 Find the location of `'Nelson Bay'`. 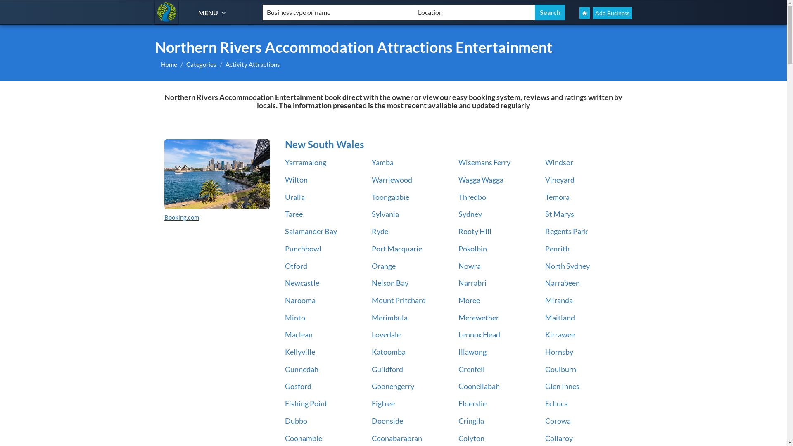

'Nelson Bay' is located at coordinates (389, 282).